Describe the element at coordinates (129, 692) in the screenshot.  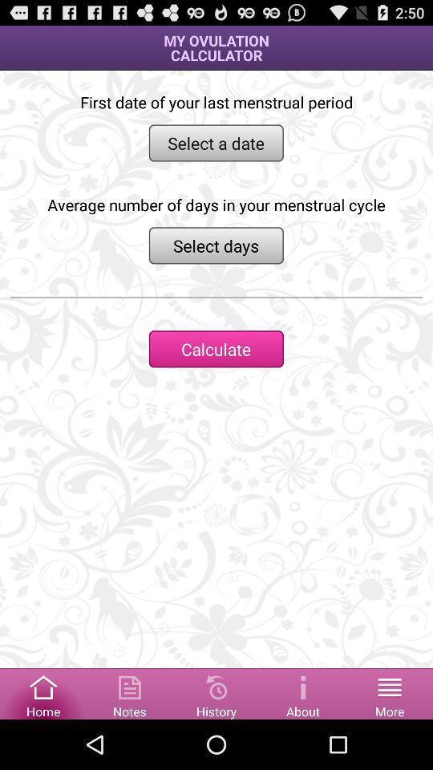
I see `notes tab` at that location.